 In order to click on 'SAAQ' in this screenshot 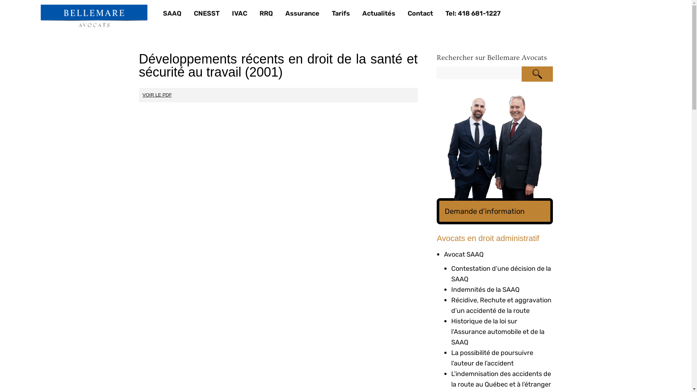, I will do `click(163, 13)`.